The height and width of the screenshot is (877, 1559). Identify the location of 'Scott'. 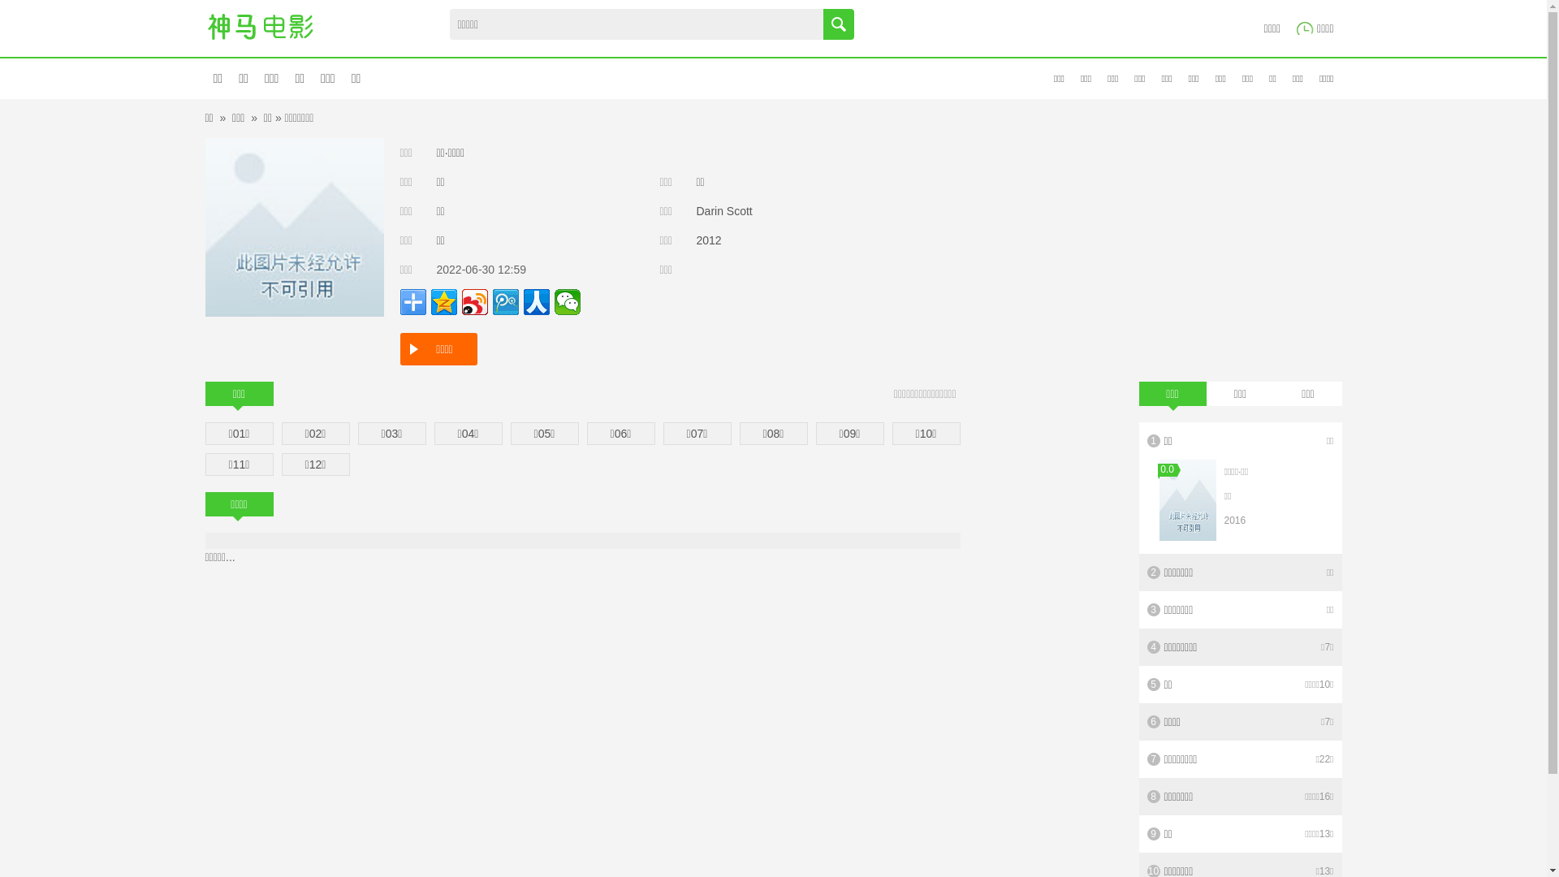
(725, 210).